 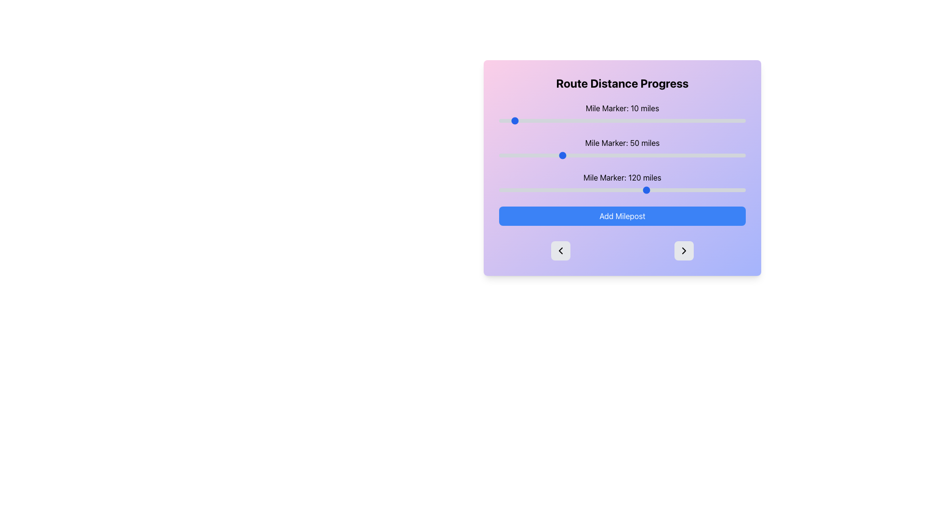 What do you see at coordinates (622, 215) in the screenshot?
I see `the rounded rectangular button with a blue background and white text labeled 'Add Milepost'` at bounding box center [622, 215].